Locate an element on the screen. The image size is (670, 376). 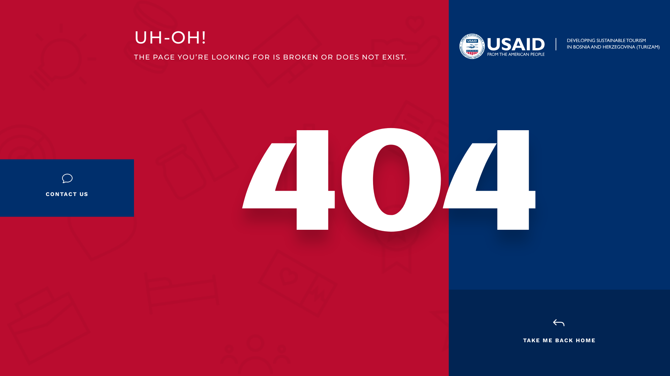
'v' is located at coordinates (67, 178).